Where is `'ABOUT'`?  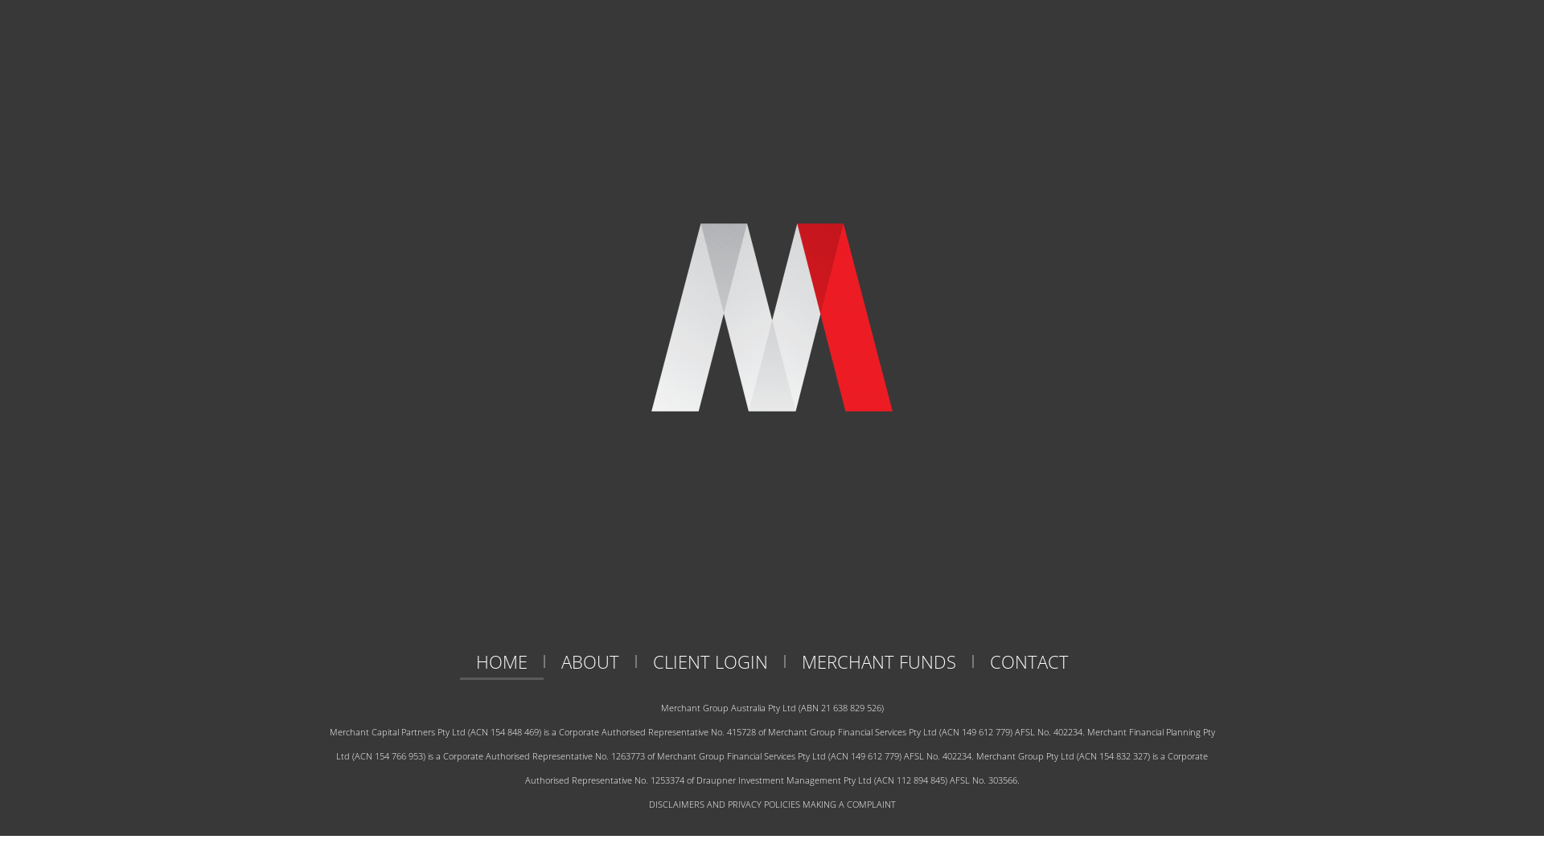
'ABOUT' is located at coordinates (589, 661).